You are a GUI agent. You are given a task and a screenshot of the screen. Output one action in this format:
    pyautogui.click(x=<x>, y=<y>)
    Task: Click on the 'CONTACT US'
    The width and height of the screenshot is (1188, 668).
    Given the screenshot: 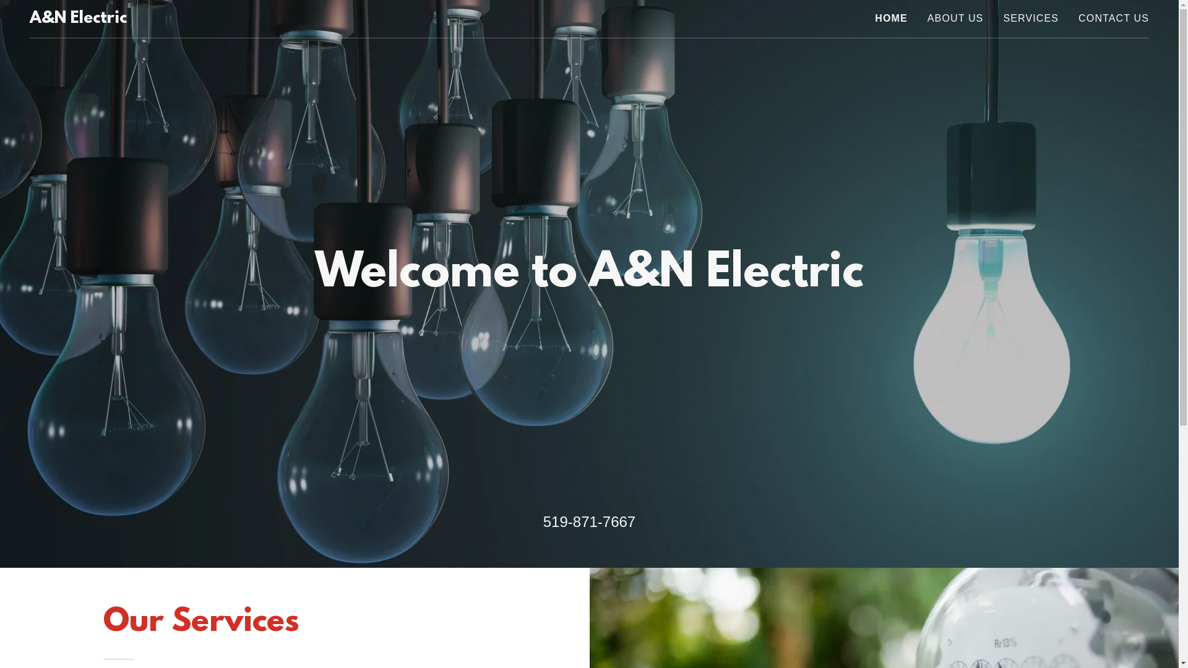 What is the action you would take?
    pyautogui.click(x=1114, y=19)
    